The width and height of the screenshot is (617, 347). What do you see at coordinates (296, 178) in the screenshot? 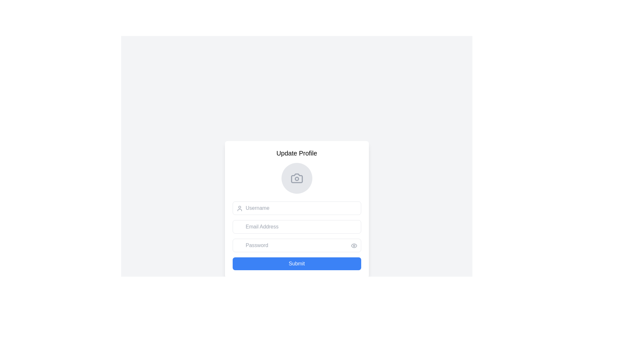
I see `the circular placeholder for image upload located in the center of the profile update form to initiate a profile picture upload` at bounding box center [296, 178].